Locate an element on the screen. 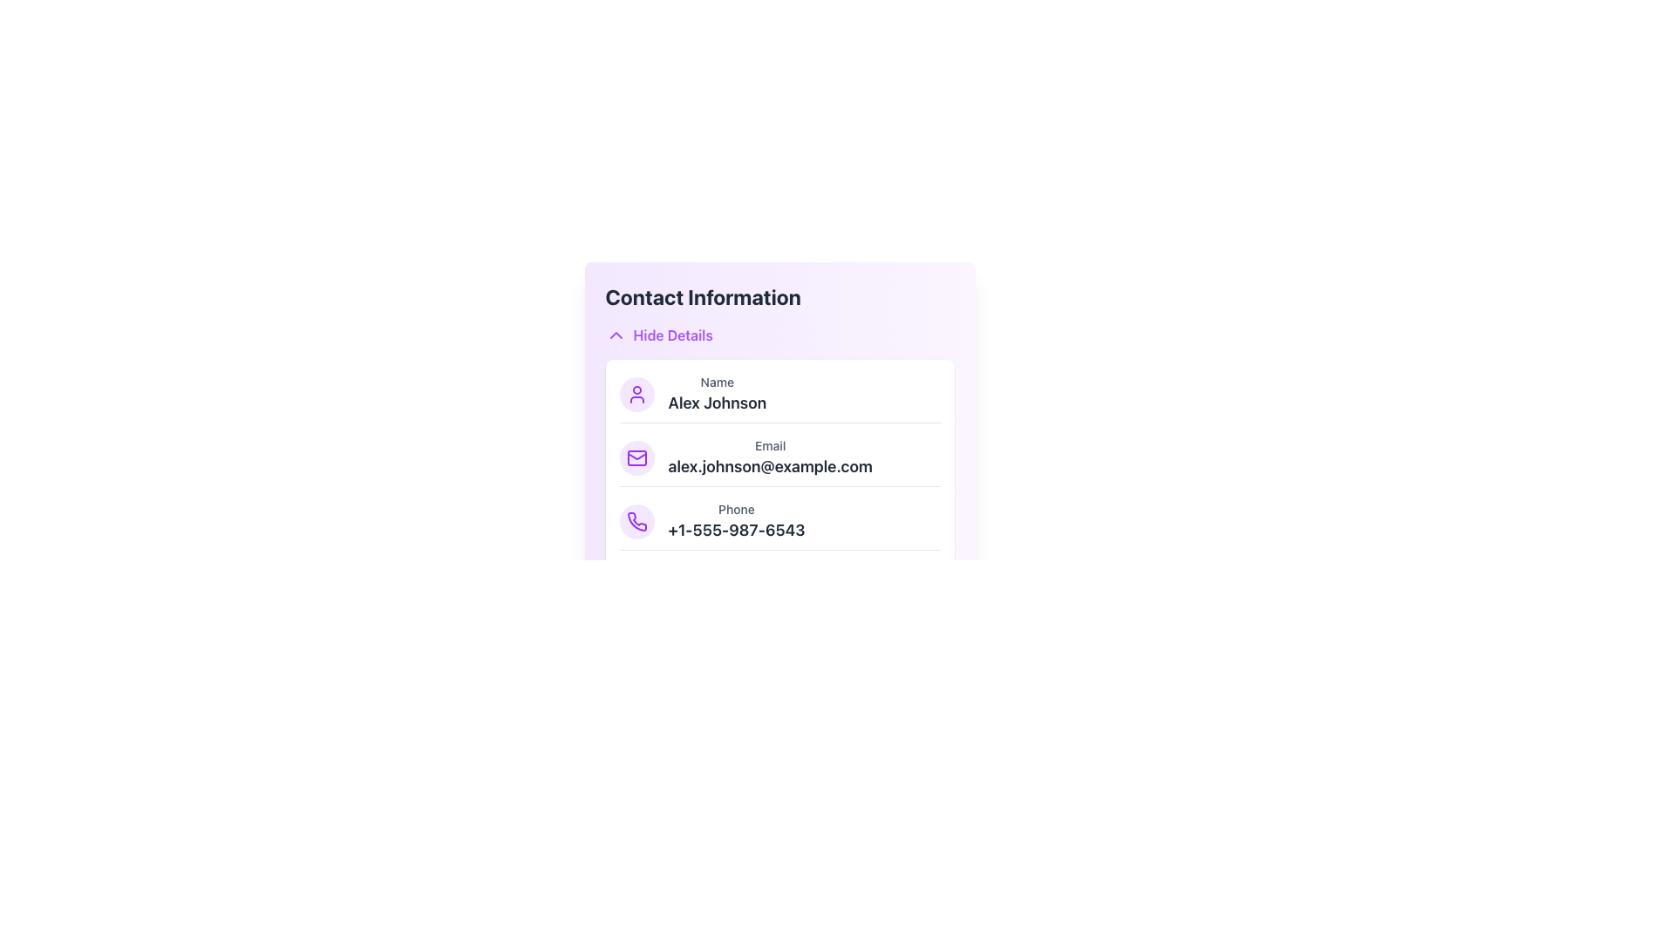 The height and width of the screenshot is (941, 1674). the text display element that shows 'Email' and 'alex.johnson@example.com' in a contact information section is located at coordinates (769, 457).